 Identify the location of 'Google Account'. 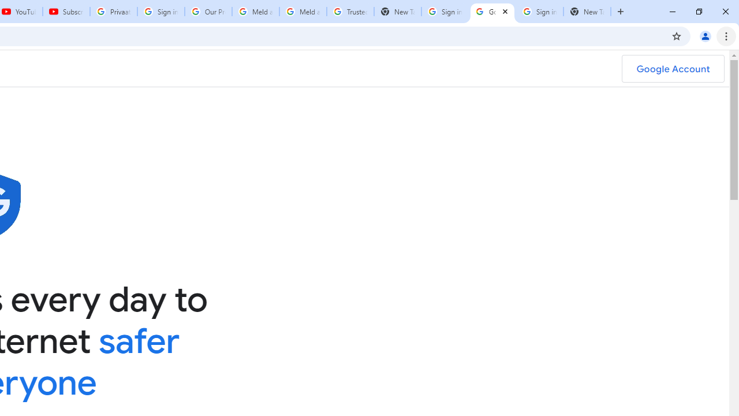
(673, 69).